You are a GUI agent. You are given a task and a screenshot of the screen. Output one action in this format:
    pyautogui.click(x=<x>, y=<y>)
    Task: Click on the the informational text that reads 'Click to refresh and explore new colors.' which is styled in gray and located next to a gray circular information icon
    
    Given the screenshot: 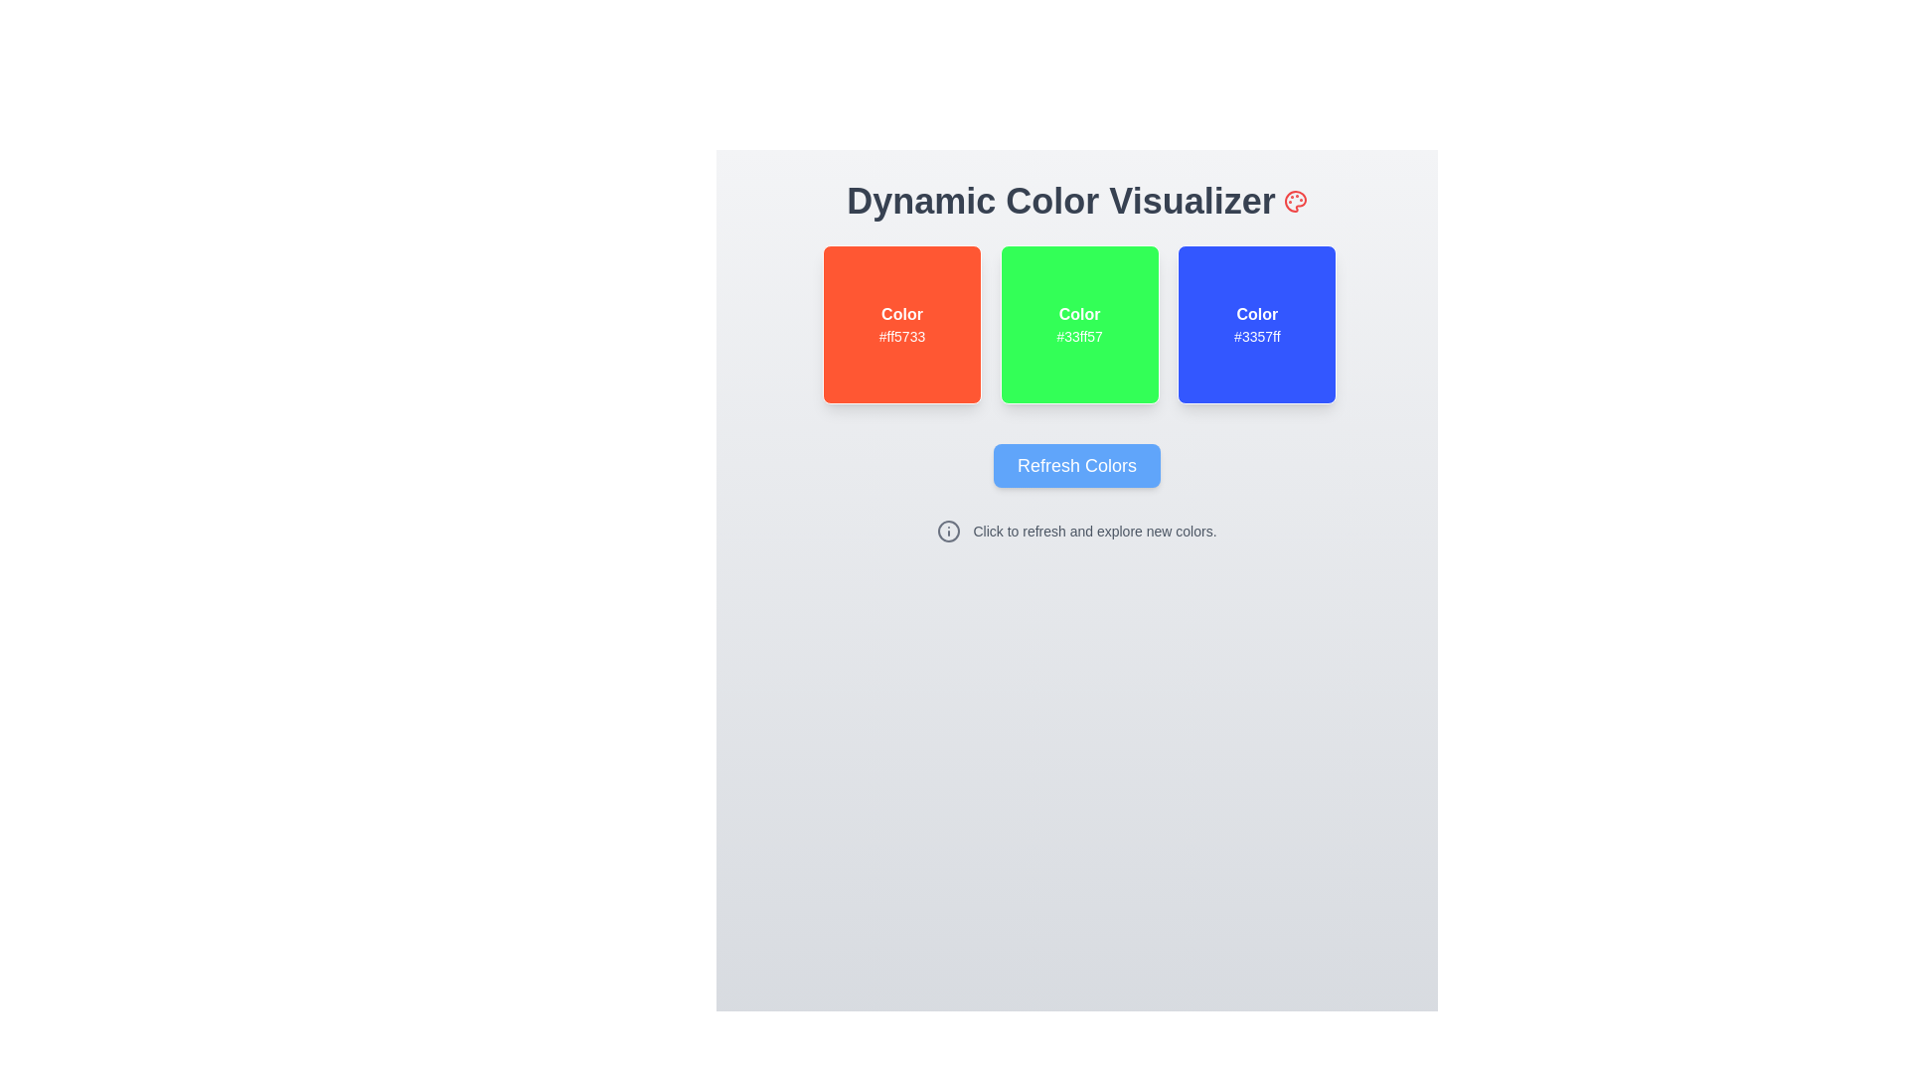 What is the action you would take?
    pyautogui.click(x=1076, y=531)
    